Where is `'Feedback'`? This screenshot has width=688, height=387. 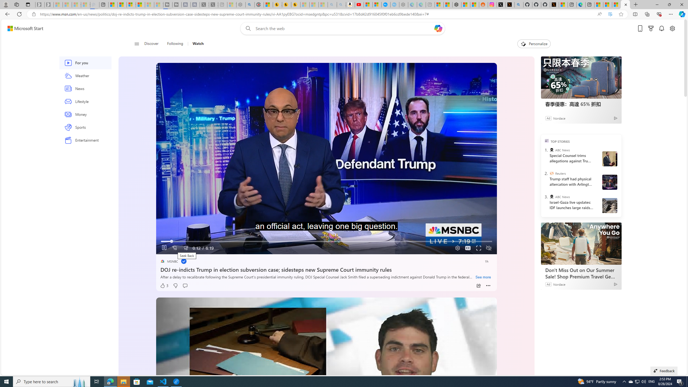 'Feedback' is located at coordinates (664, 370).